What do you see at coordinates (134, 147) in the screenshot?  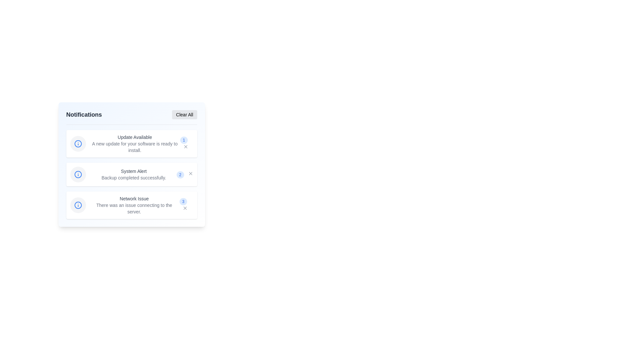 I see `detailed explanation text label located underneath the 'Update Available' header in the first notification card` at bounding box center [134, 147].